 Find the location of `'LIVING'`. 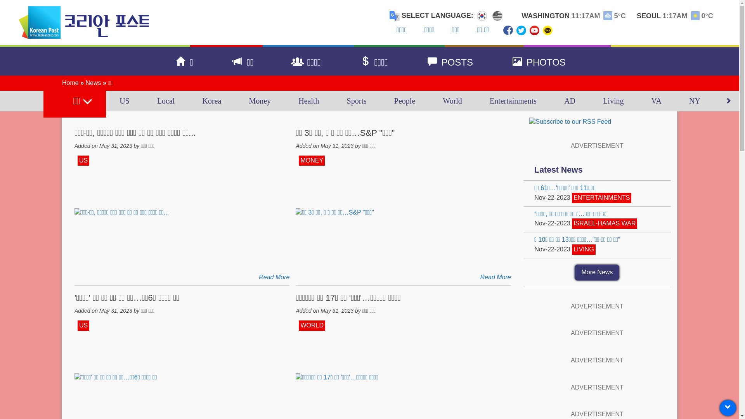

'LIVING' is located at coordinates (572, 249).